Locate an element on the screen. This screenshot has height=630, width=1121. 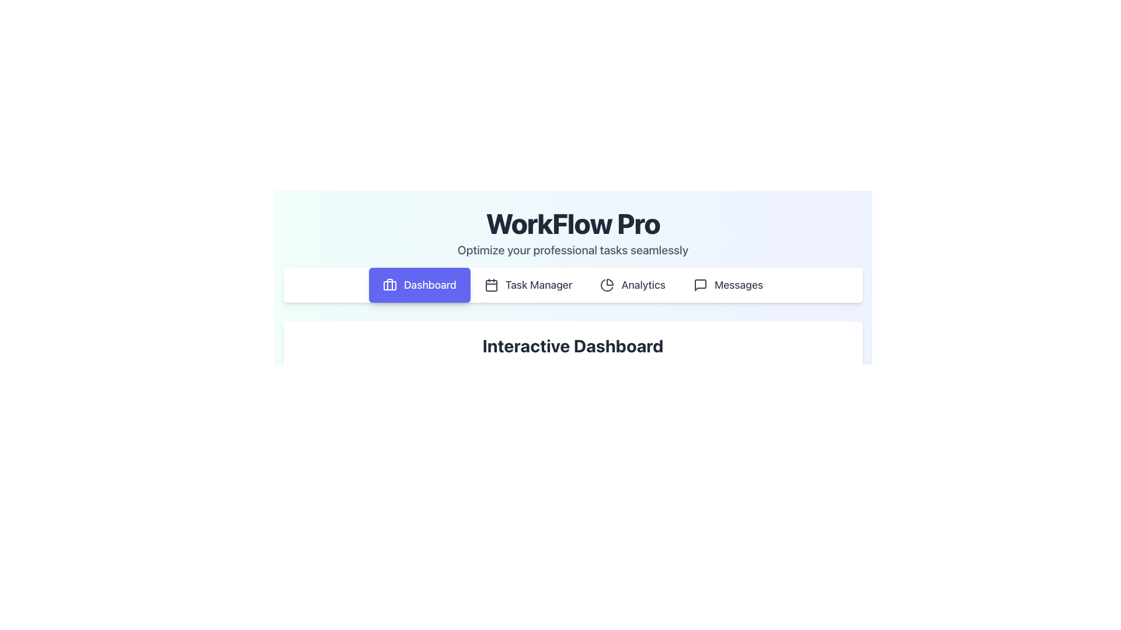
the 'Messages' button, which is the last item in the horizontal navigation bar is located at coordinates (727, 285).